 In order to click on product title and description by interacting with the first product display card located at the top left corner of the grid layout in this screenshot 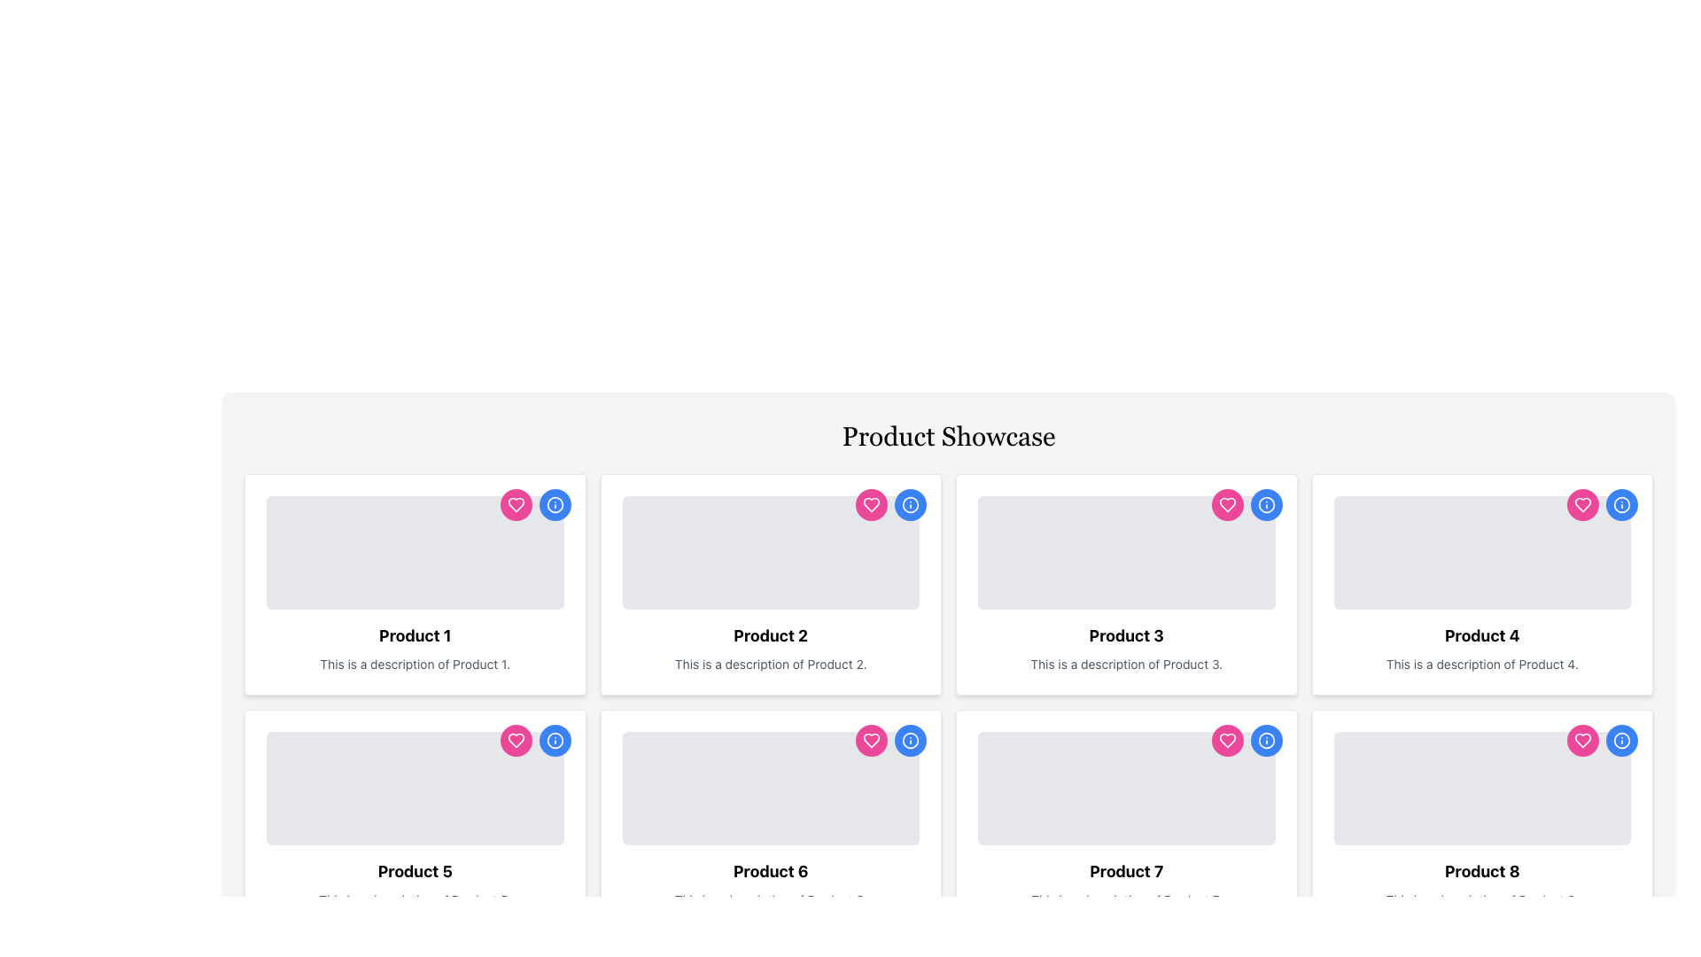, I will do `click(414, 584)`.